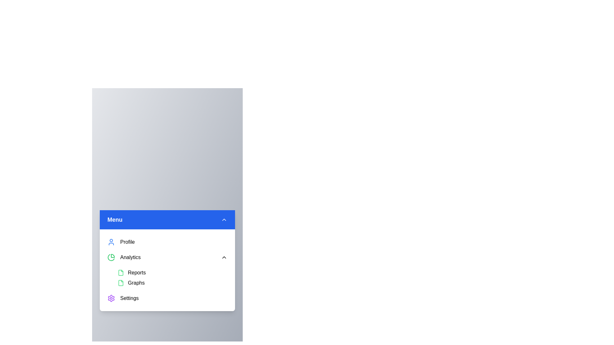  I want to click on the settings label located at the bottom of the menu dropdown, aligned horizontally to the right of the purple settings icon, so click(129, 298).